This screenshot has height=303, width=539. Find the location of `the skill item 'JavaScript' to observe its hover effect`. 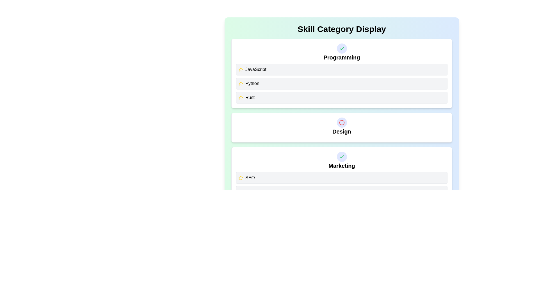

the skill item 'JavaScript' to observe its hover effect is located at coordinates (238, 69).